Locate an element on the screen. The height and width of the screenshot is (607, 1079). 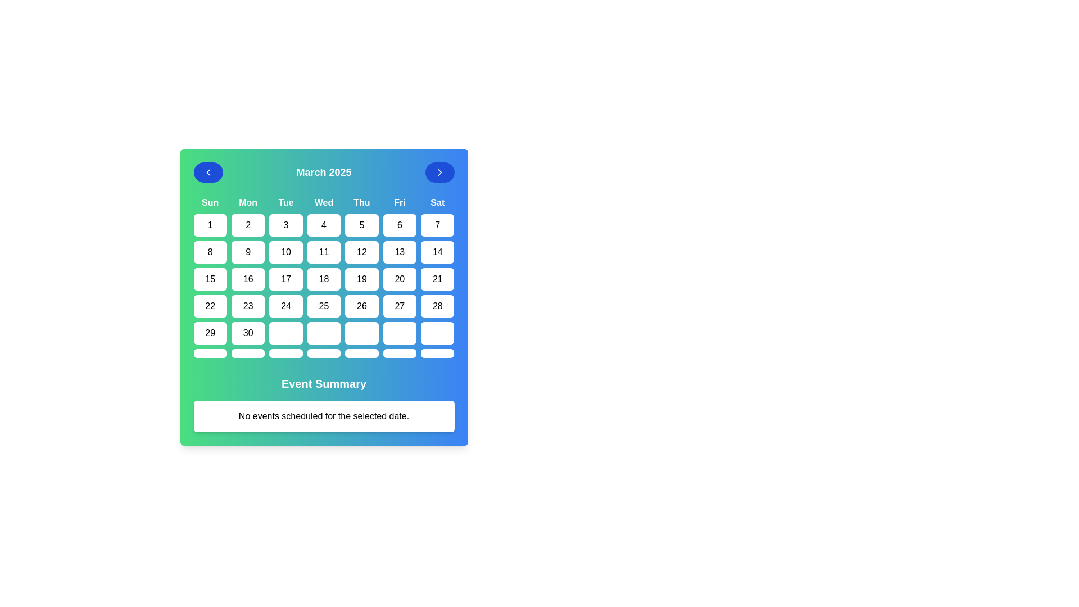
the date button for the 27th in the calendar interface, located under the 'Fri' column and in the sixth row and sixth column, to change its background color is located at coordinates (400, 306).